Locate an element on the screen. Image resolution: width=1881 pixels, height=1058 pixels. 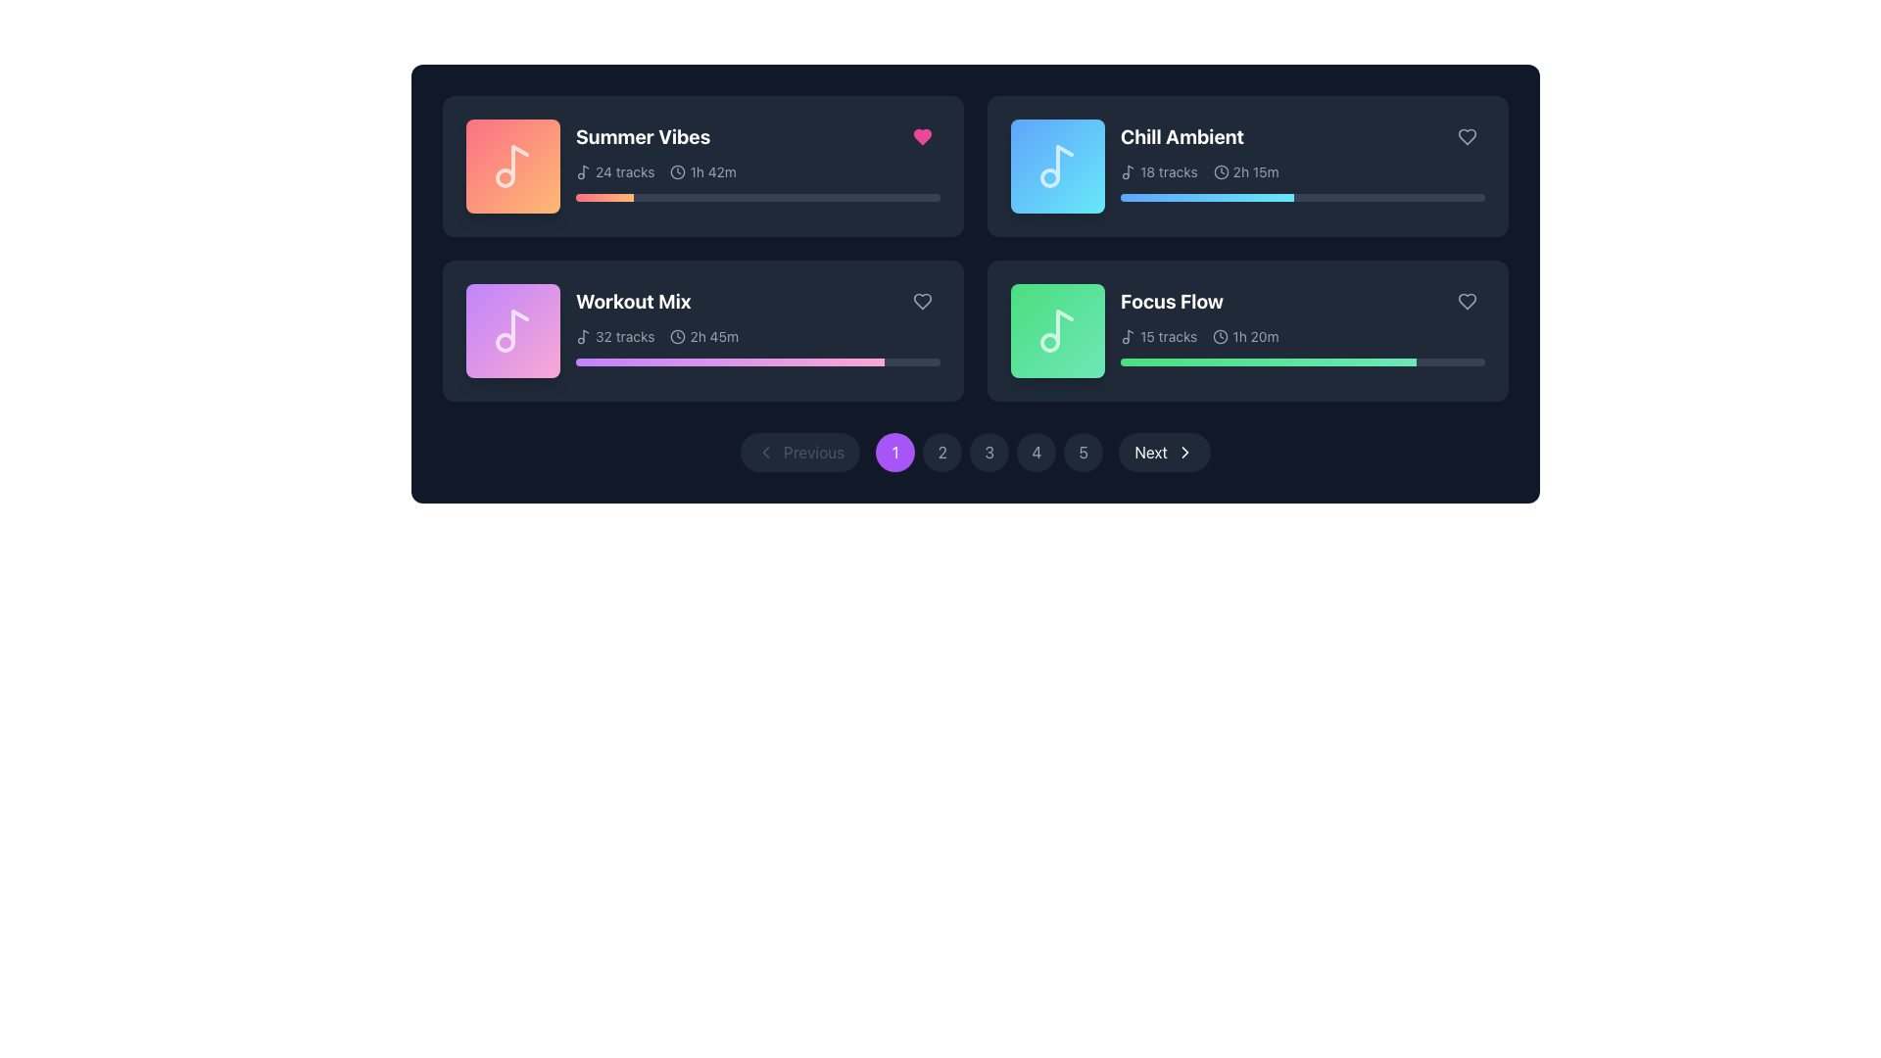
the navigation icon located inside the 'Next' button at the bottom-right section of the interface, which signifies moving to the next page of content is located at coordinates (1183, 453).